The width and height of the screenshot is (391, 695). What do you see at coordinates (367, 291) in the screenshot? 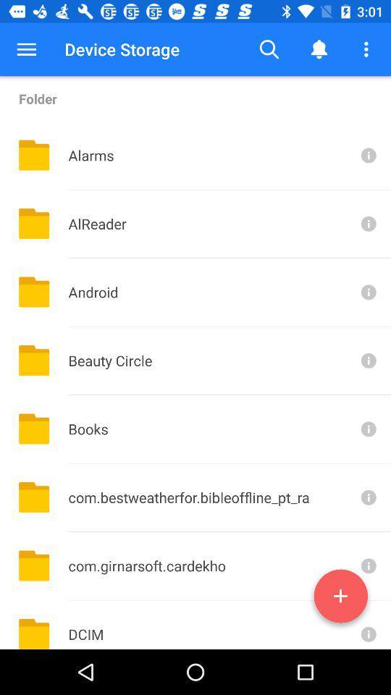
I see `android folder info` at bounding box center [367, 291].